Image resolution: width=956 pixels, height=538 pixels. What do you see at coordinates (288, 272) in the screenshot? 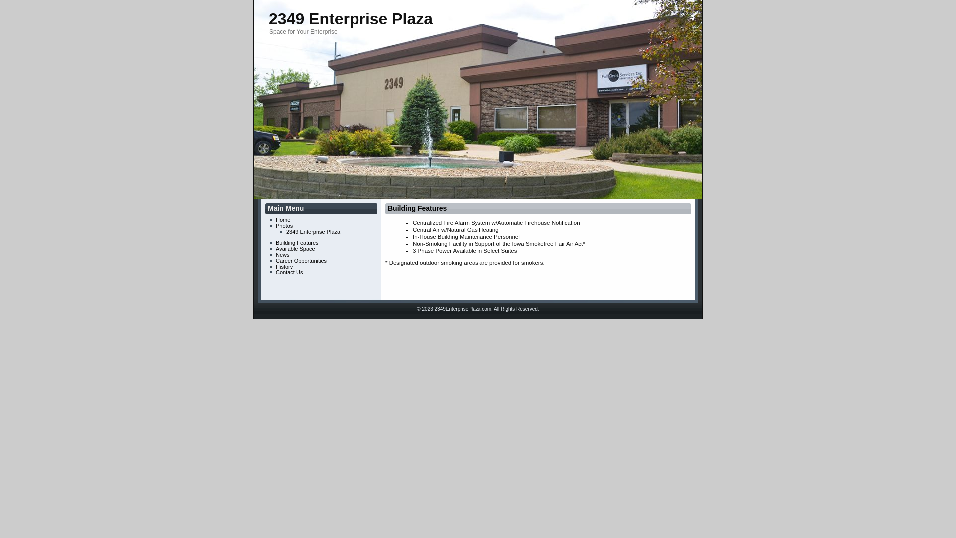
I see `'Contact Us'` at bounding box center [288, 272].